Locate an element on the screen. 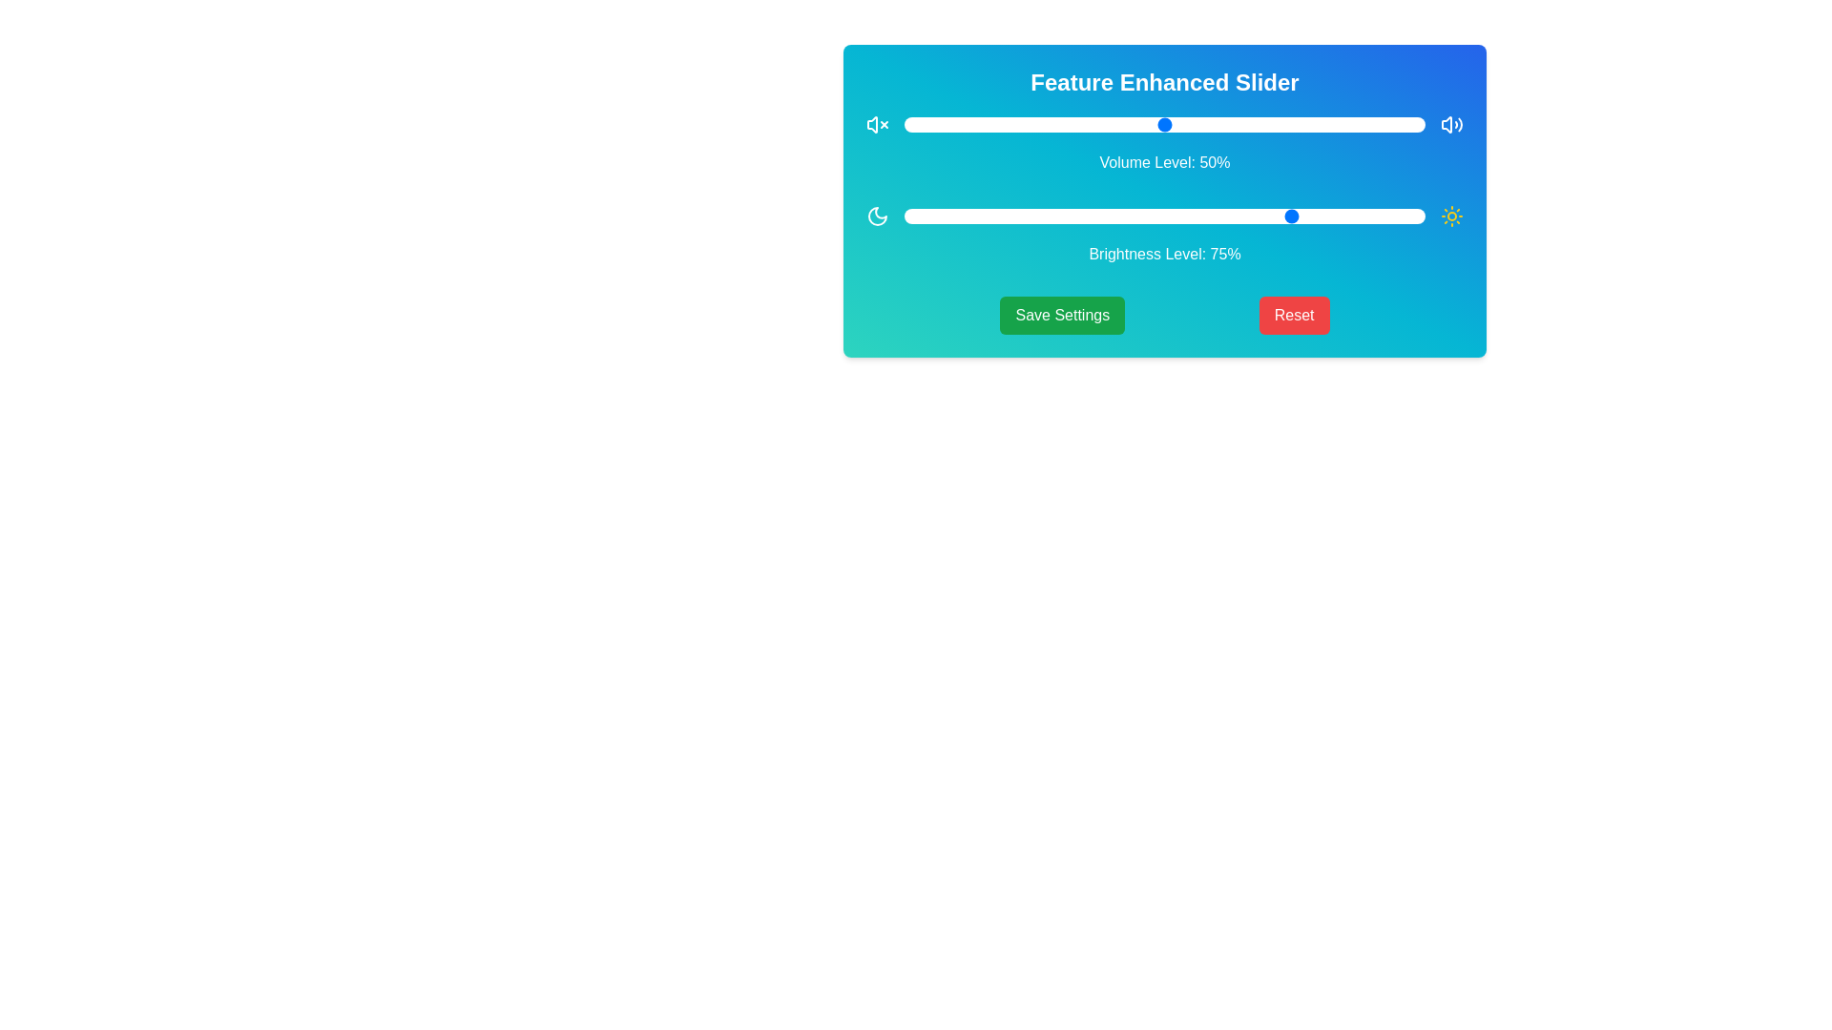 The image size is (1832, 1030). brightness is located at coordinates (1309, 216).